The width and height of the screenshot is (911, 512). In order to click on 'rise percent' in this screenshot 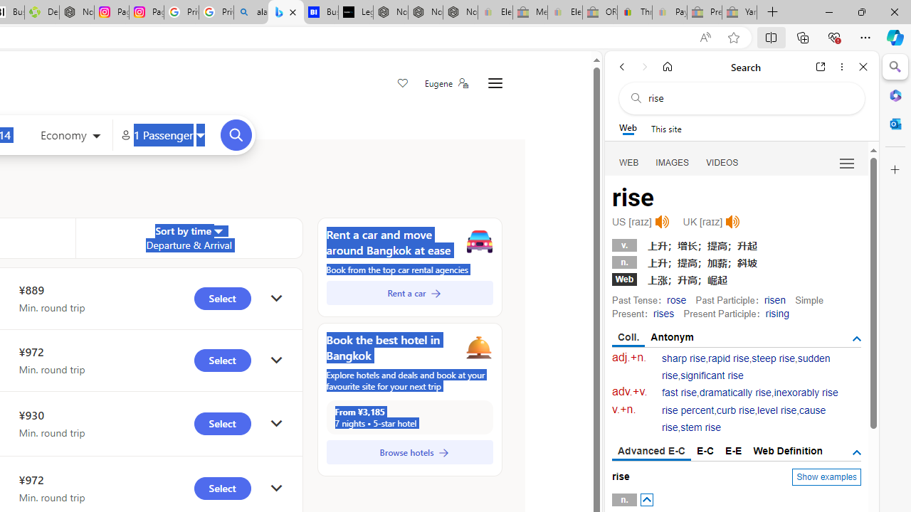, I will do `click(688, 410)`.